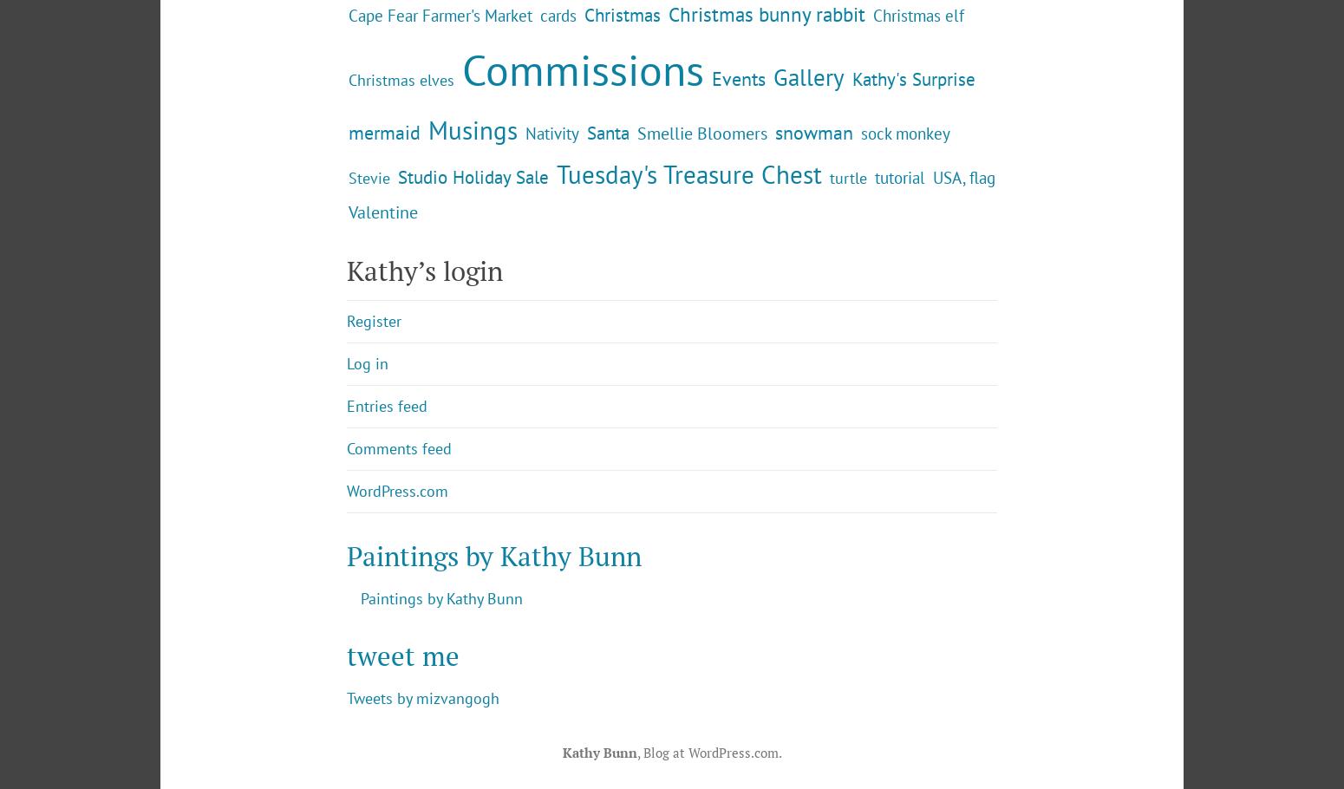 This screenshot has width=1344, height=789. I want to click on 'Events', so click(738, 220).